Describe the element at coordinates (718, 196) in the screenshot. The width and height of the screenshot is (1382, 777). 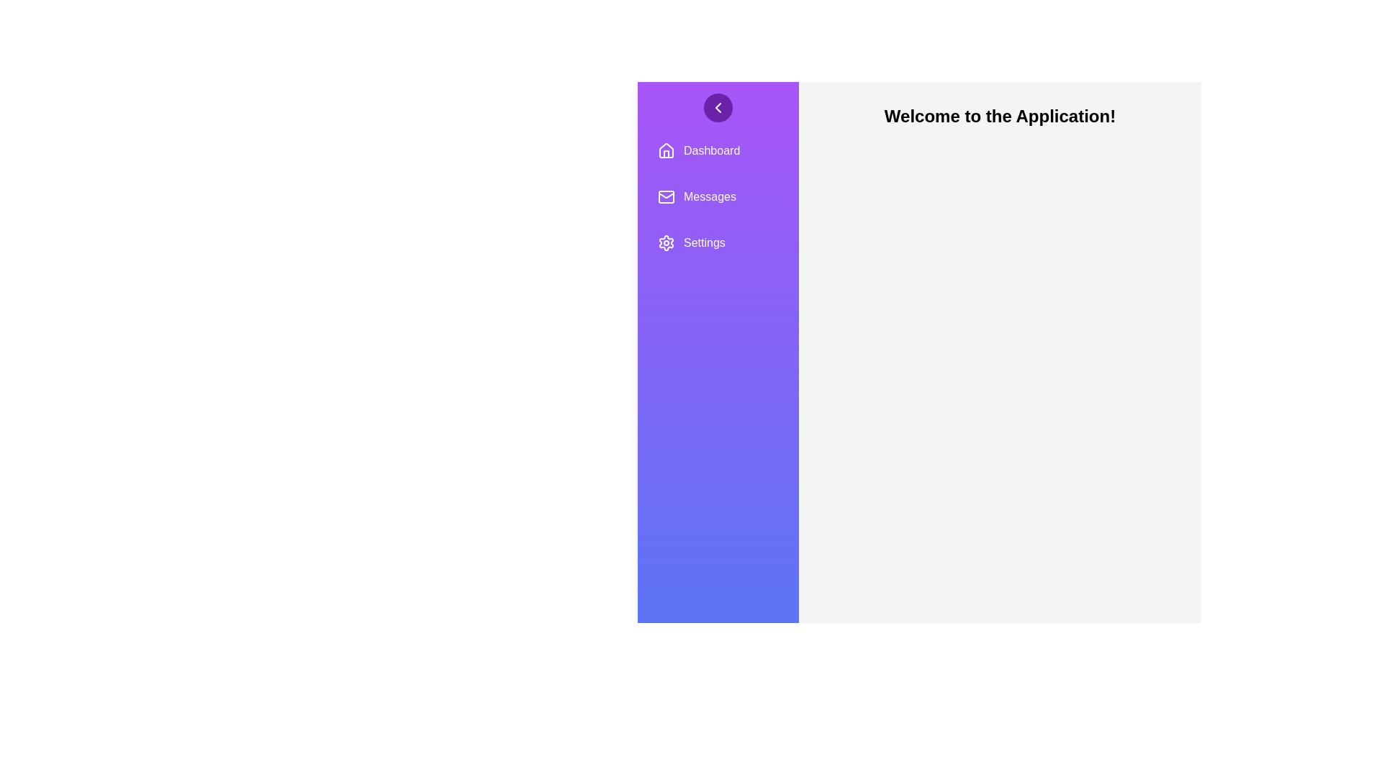
I see `the 'Messages' button located in the sidebar` at that location.